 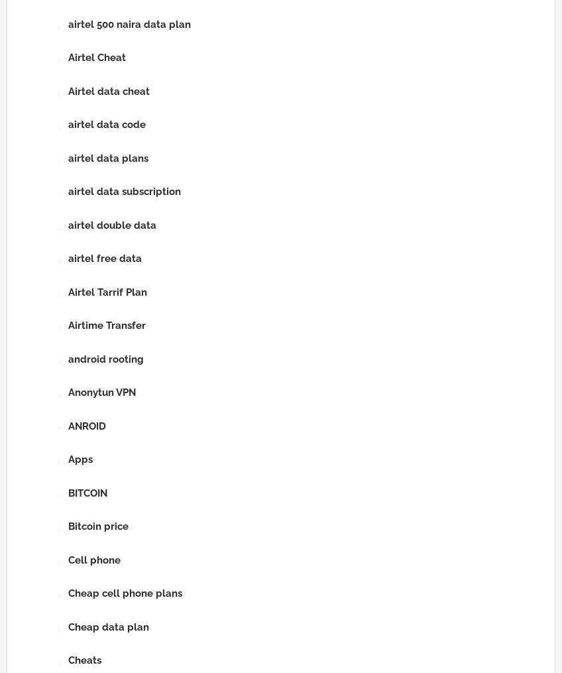 What do you see at coordinates (101, 392) in the screenshot?
I see `'Anonytun VPN'` at bounding box center [101, 392].